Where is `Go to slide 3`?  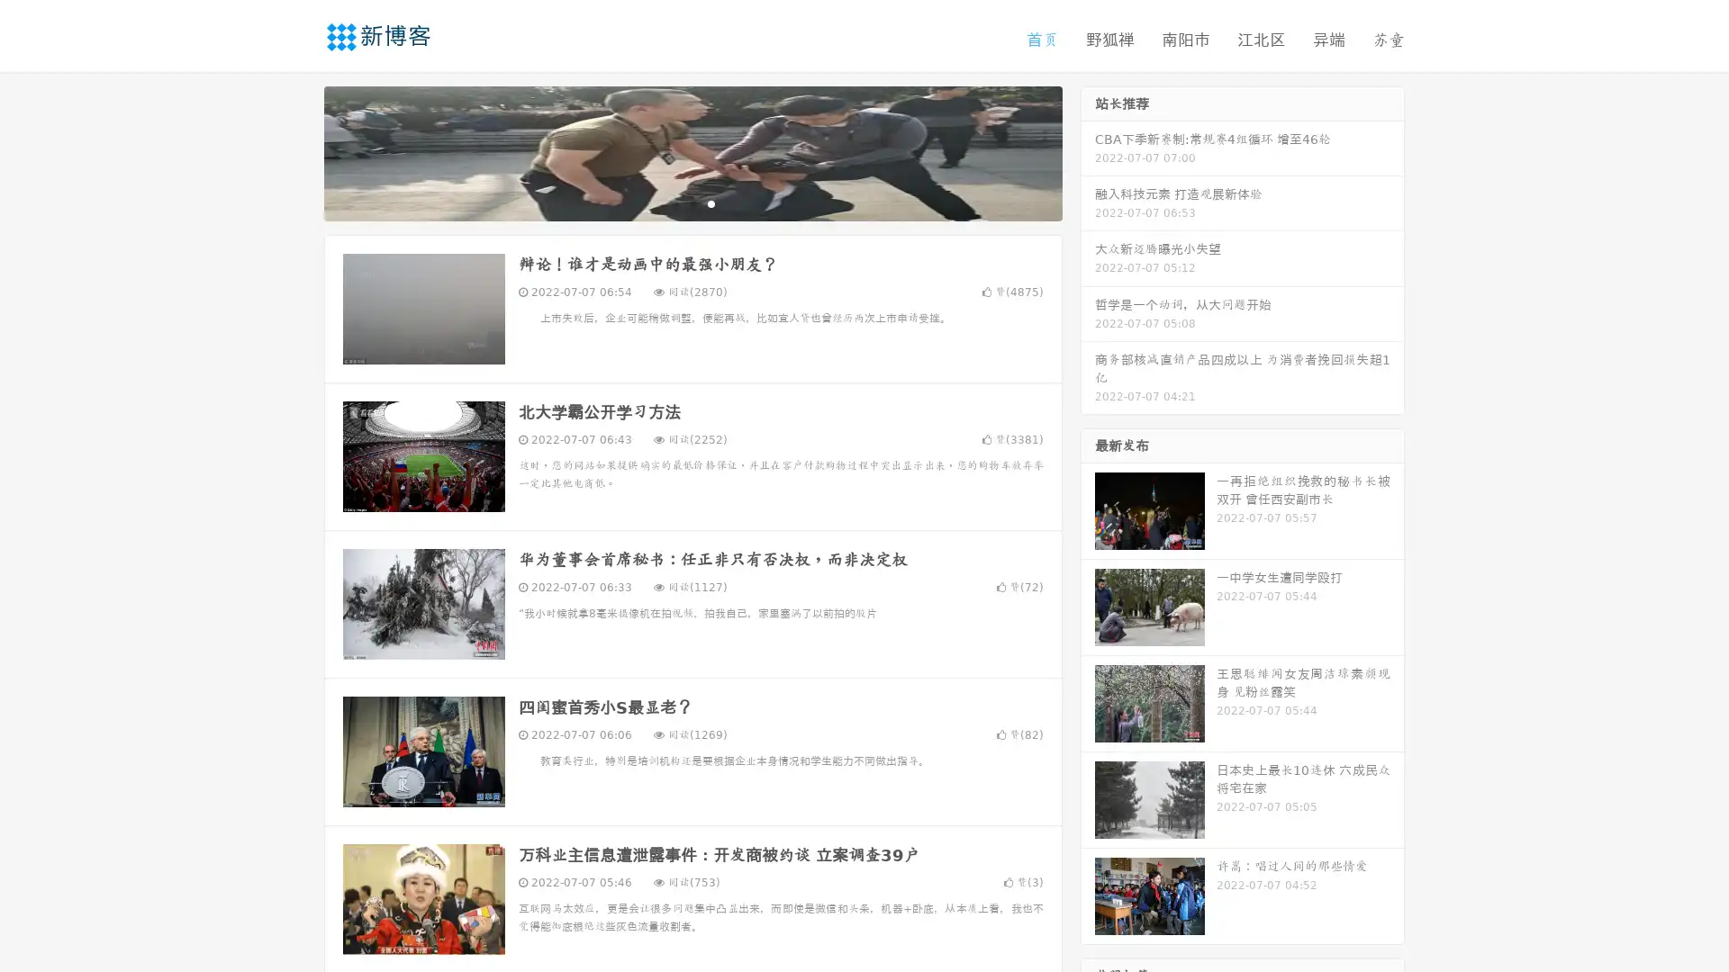 Go to slide 3 is located at coordinates (711, 202).